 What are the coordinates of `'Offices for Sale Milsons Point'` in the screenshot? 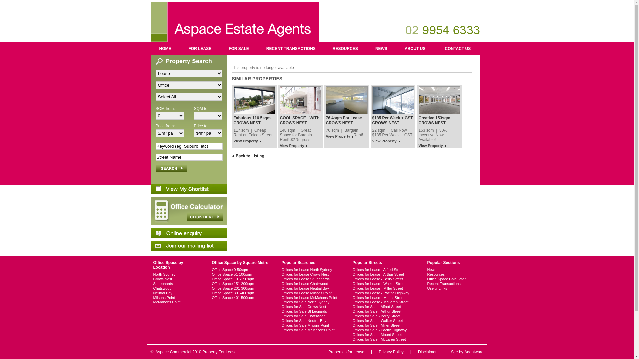 It's located at (281, 325).